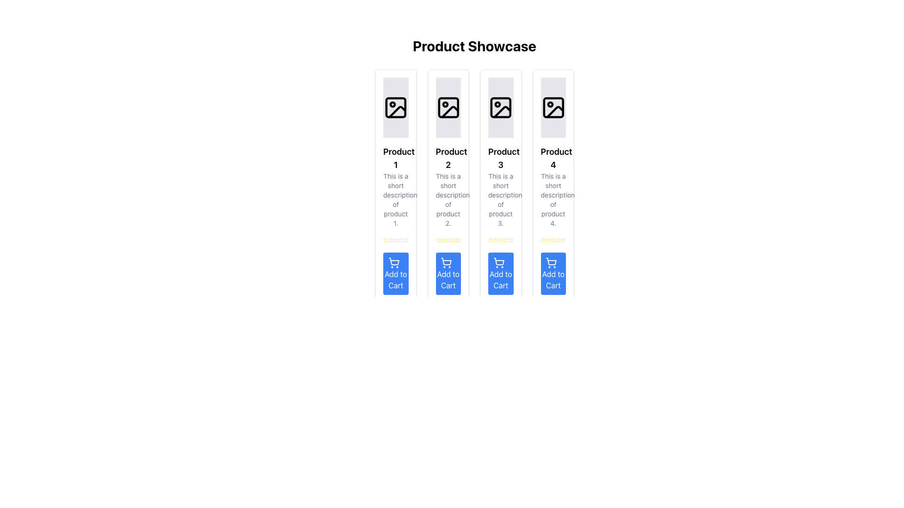 This screenshot has height=508, width=904. I want to click on the shopping cart icon located within the blue 'Add to Cart' button of the fourth product in the grid layout, so click(551, 262).